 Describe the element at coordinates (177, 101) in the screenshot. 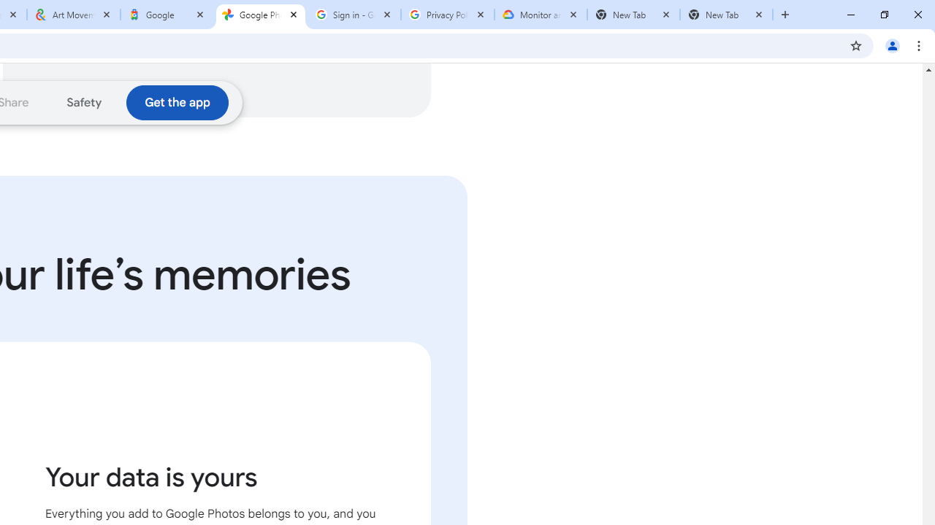

I see `'Download the Google Photos app'` at that location.